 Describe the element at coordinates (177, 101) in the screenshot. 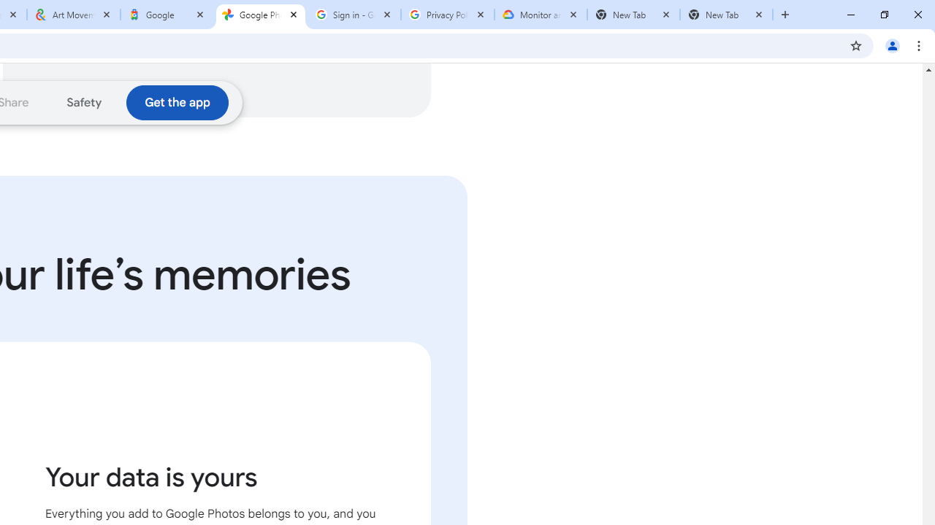

I see `'Download the Google Photos app'` at that location.